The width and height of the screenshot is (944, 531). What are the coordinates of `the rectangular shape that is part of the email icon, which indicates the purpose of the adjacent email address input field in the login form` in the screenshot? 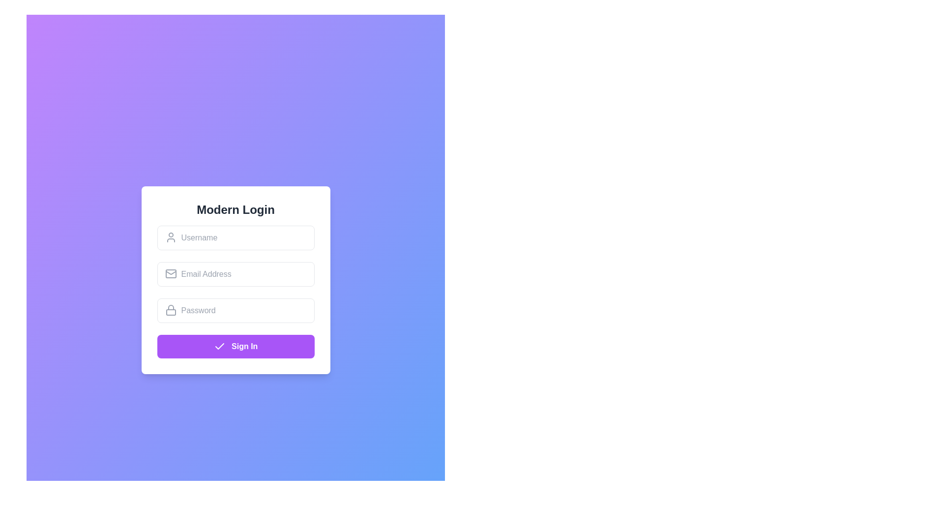 It's located at (171, 273).